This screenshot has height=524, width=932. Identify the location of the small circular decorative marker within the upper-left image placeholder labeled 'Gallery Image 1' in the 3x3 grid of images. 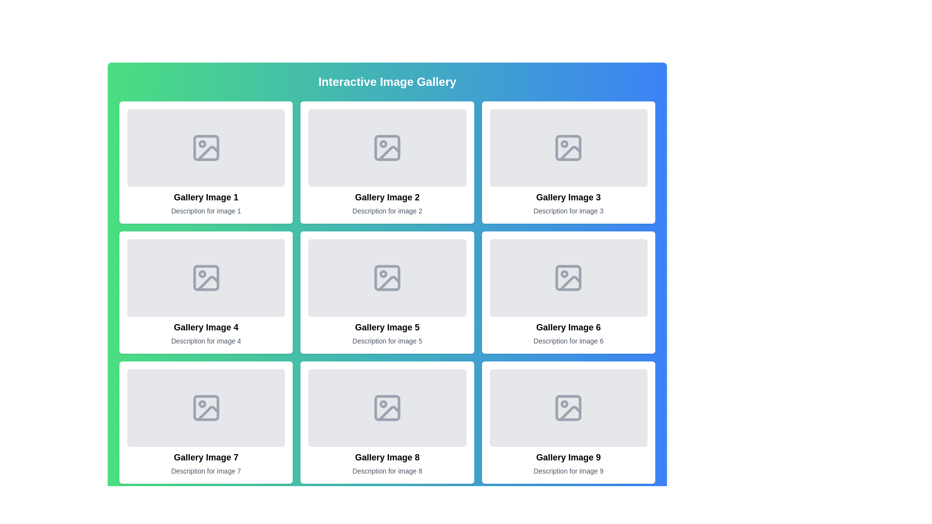
(201, 144).